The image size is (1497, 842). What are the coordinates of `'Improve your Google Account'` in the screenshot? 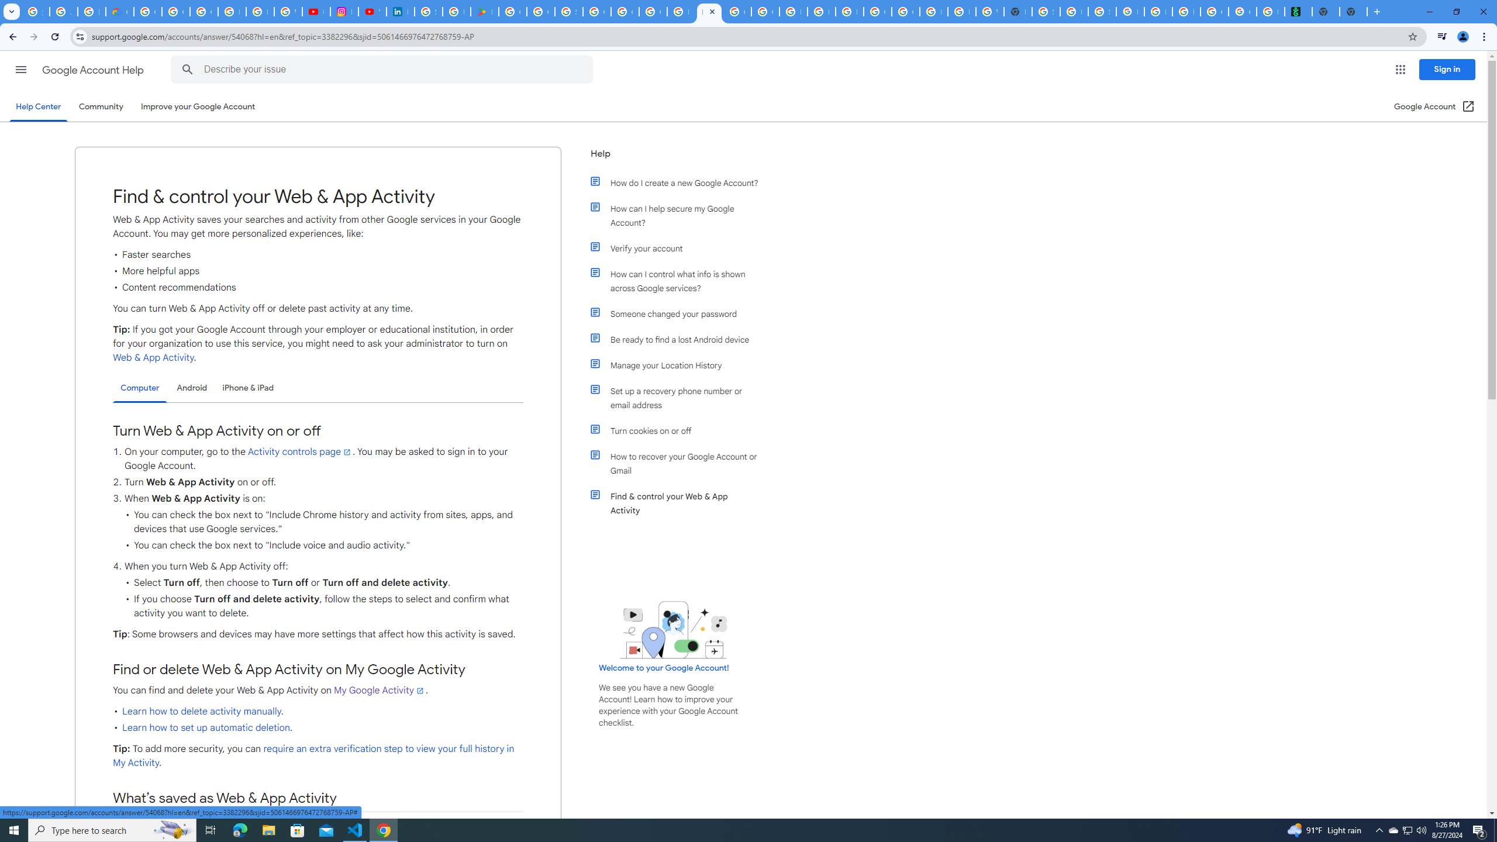 It's located at (198, 106).